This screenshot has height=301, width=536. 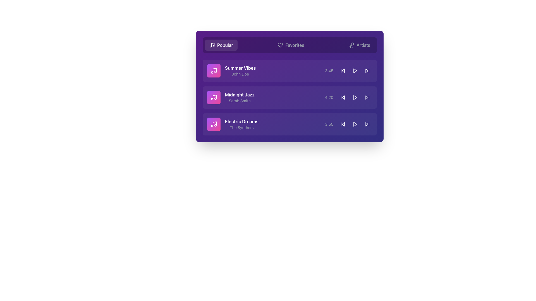 What do you see at coordinates (355, 97) in the screenshot?
I see `the triangular-shaped purple play button located at the rightmost end of the row for the item titled 'Midnight Jazz' by 'Sarah Smith'` at bounding box center [355, 97].